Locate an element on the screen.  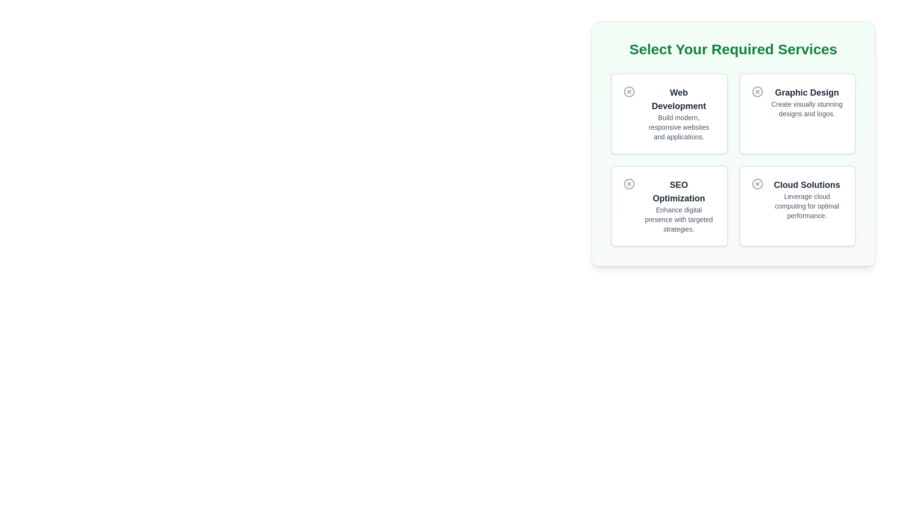
title and description of the 'Web Development' informational card located at the top-left position of the grid under the section 'Select Your Required Services' is located at coordinates (669, 113).